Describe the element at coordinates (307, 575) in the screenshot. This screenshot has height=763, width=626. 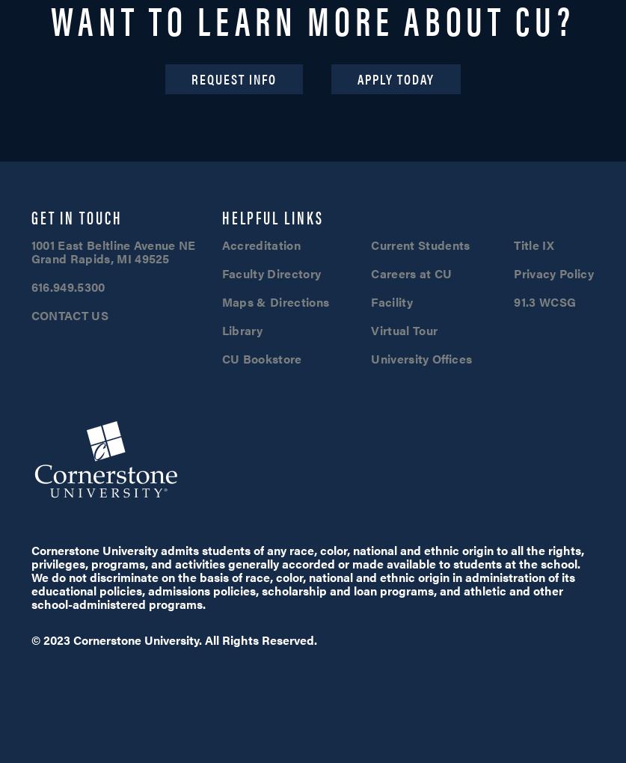
I see `'Cornerstone University admits students of any race, color, national and ethnic origin to all the rights, privileges, programs, and activities generally accorded or made available to students at the school. We do not discriminate on the basis of race, color, national and ethnic origin in administration of its educational policies, admissions policies, scholarship and loan programs, and athletic and other school-administered programs.'` at that location.